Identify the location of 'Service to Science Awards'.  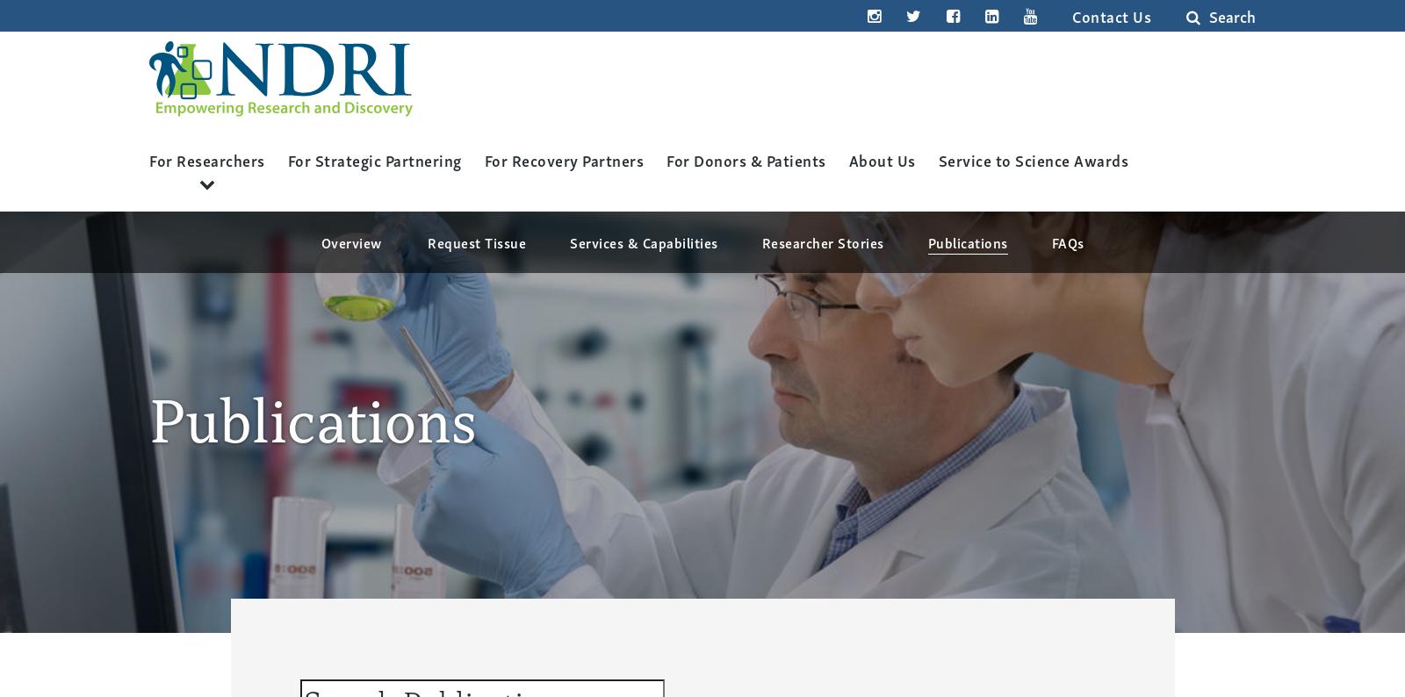
(1033, 158).